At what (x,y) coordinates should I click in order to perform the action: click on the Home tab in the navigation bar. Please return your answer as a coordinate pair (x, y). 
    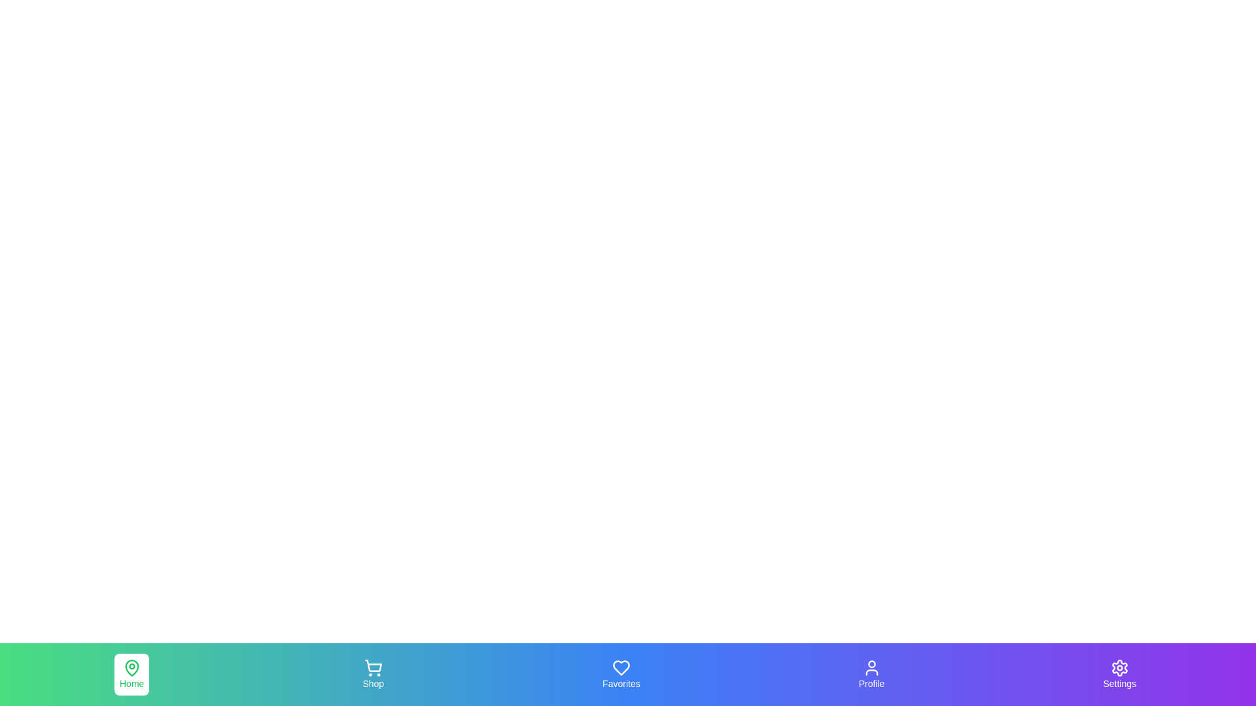
    Looking at the image, I should click on (131, 675).